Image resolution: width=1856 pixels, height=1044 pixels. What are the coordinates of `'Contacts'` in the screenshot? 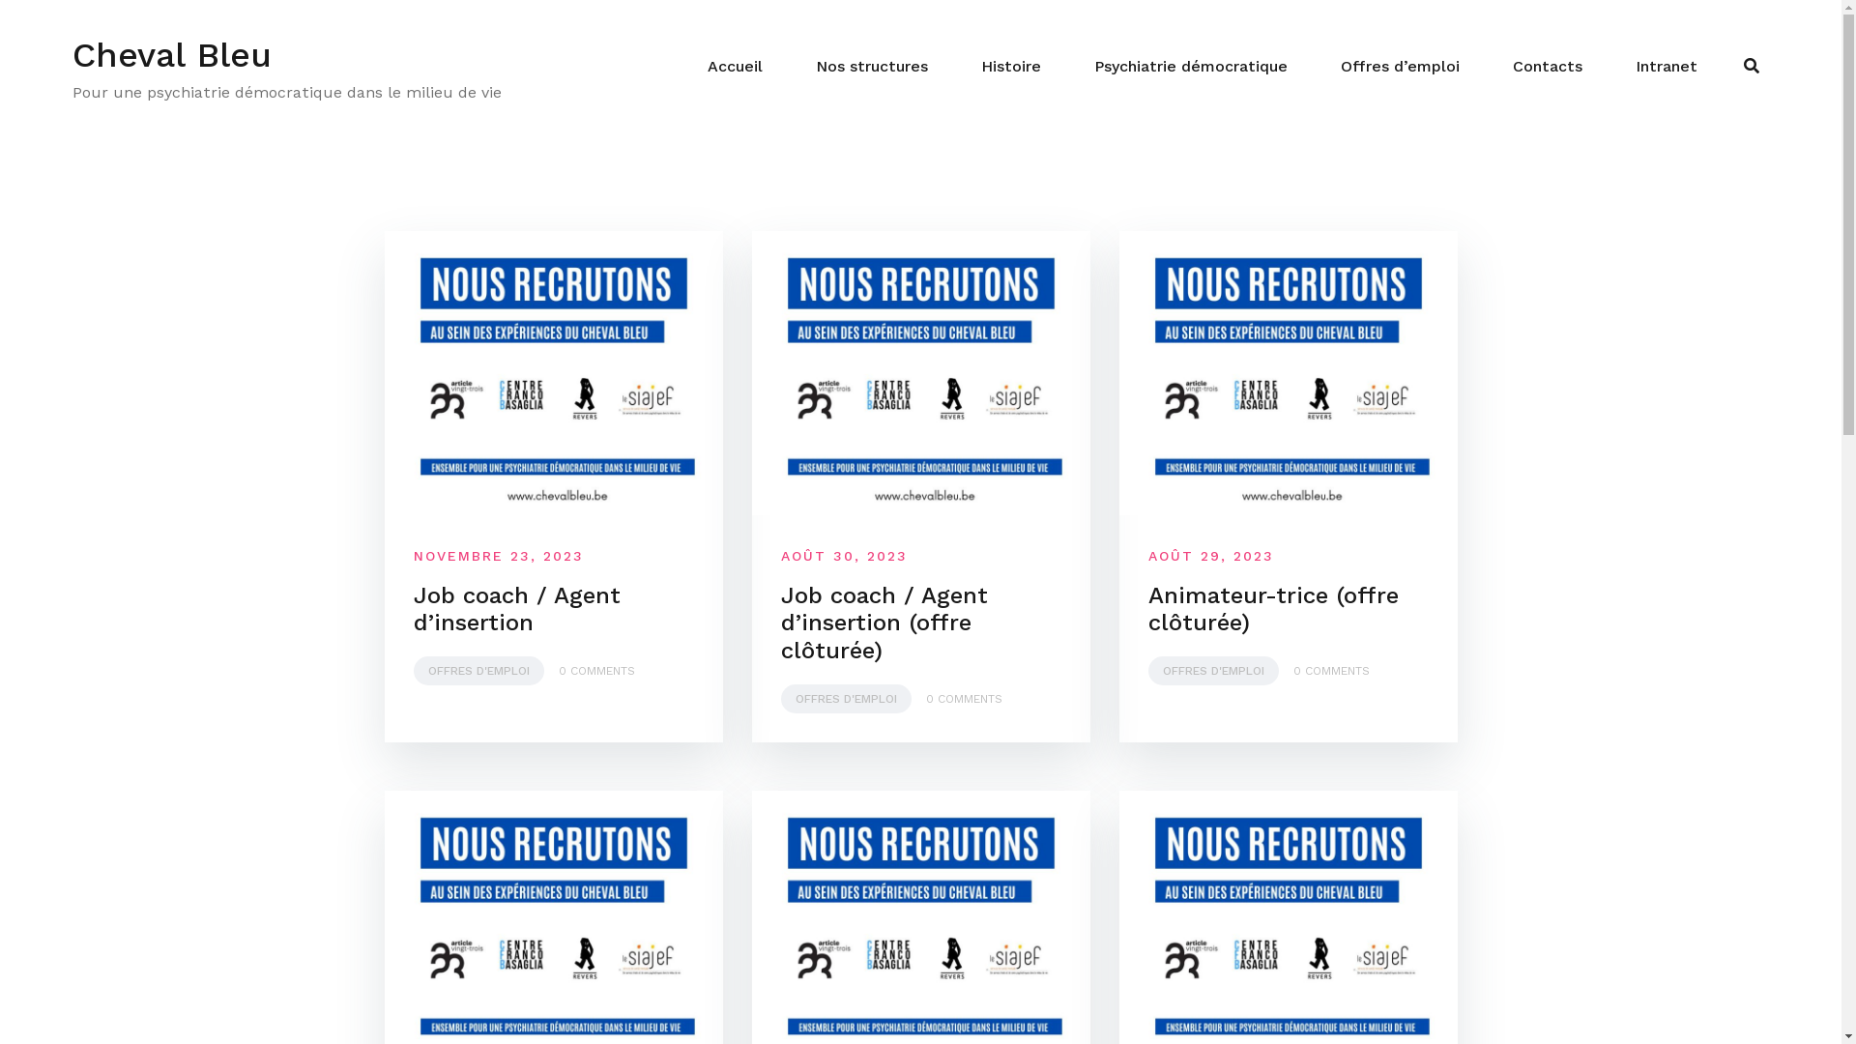 It's located at (1548, 66).